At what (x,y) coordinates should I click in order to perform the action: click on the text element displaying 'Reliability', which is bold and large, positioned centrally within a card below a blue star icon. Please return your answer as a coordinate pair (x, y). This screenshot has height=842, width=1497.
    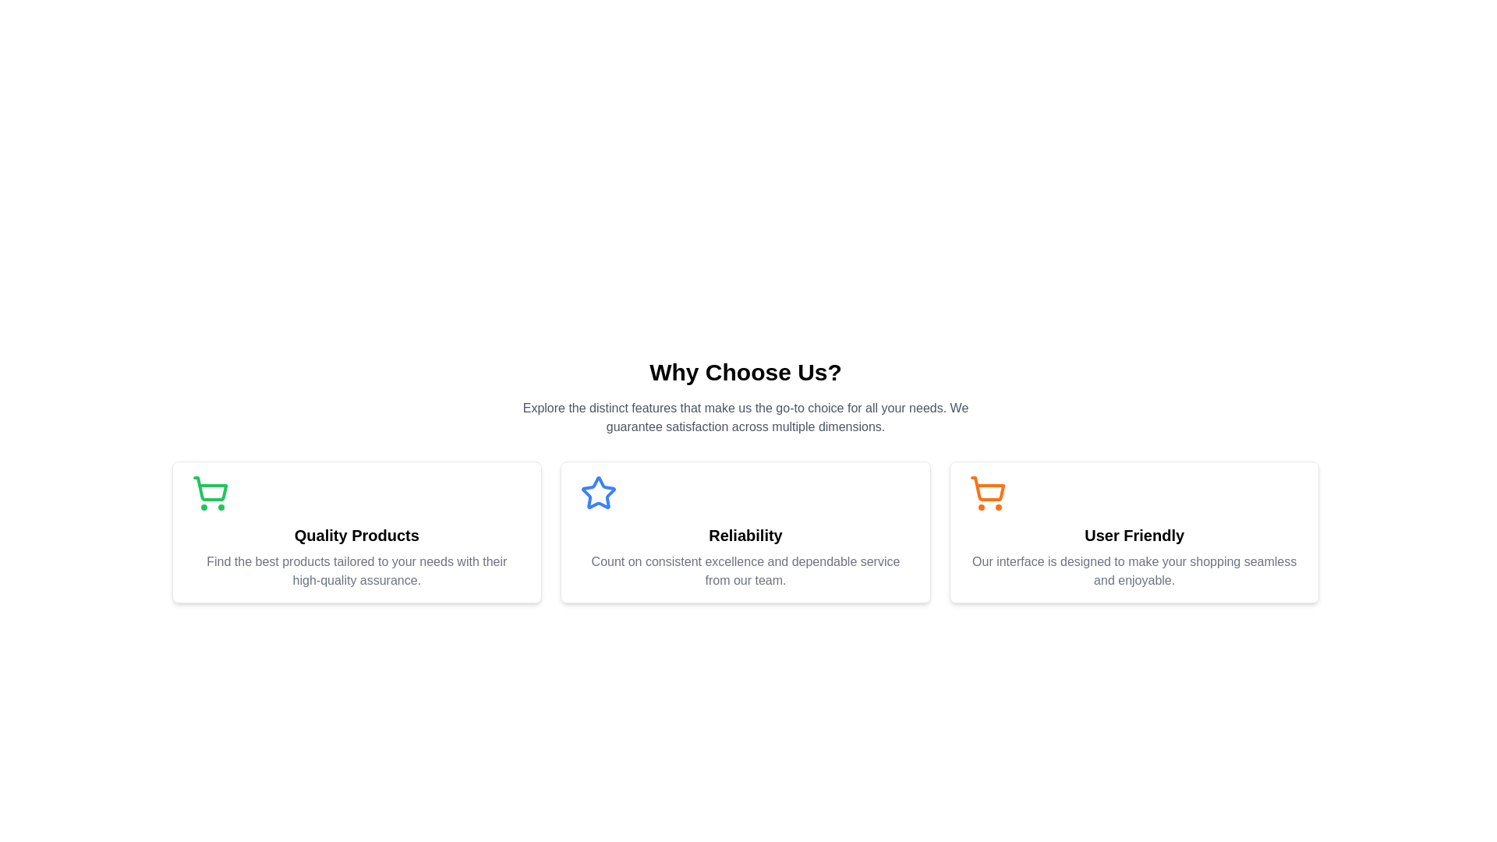
    Looking at the image, I should click on (745, 534).